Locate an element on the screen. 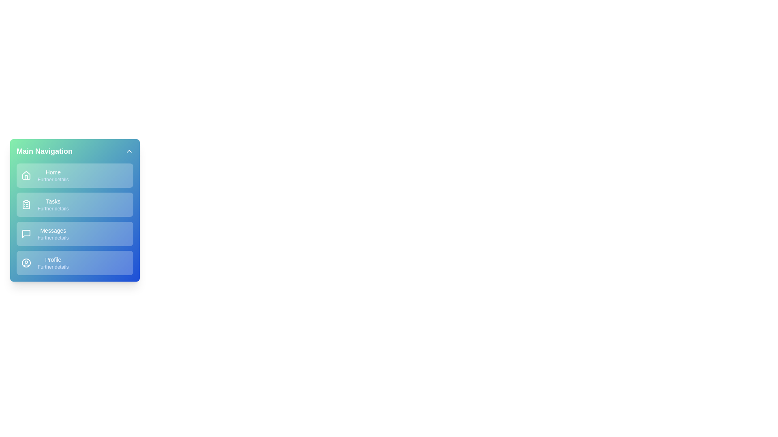  the menu item Profile by clicking on it is located at coordinates (75, 263).